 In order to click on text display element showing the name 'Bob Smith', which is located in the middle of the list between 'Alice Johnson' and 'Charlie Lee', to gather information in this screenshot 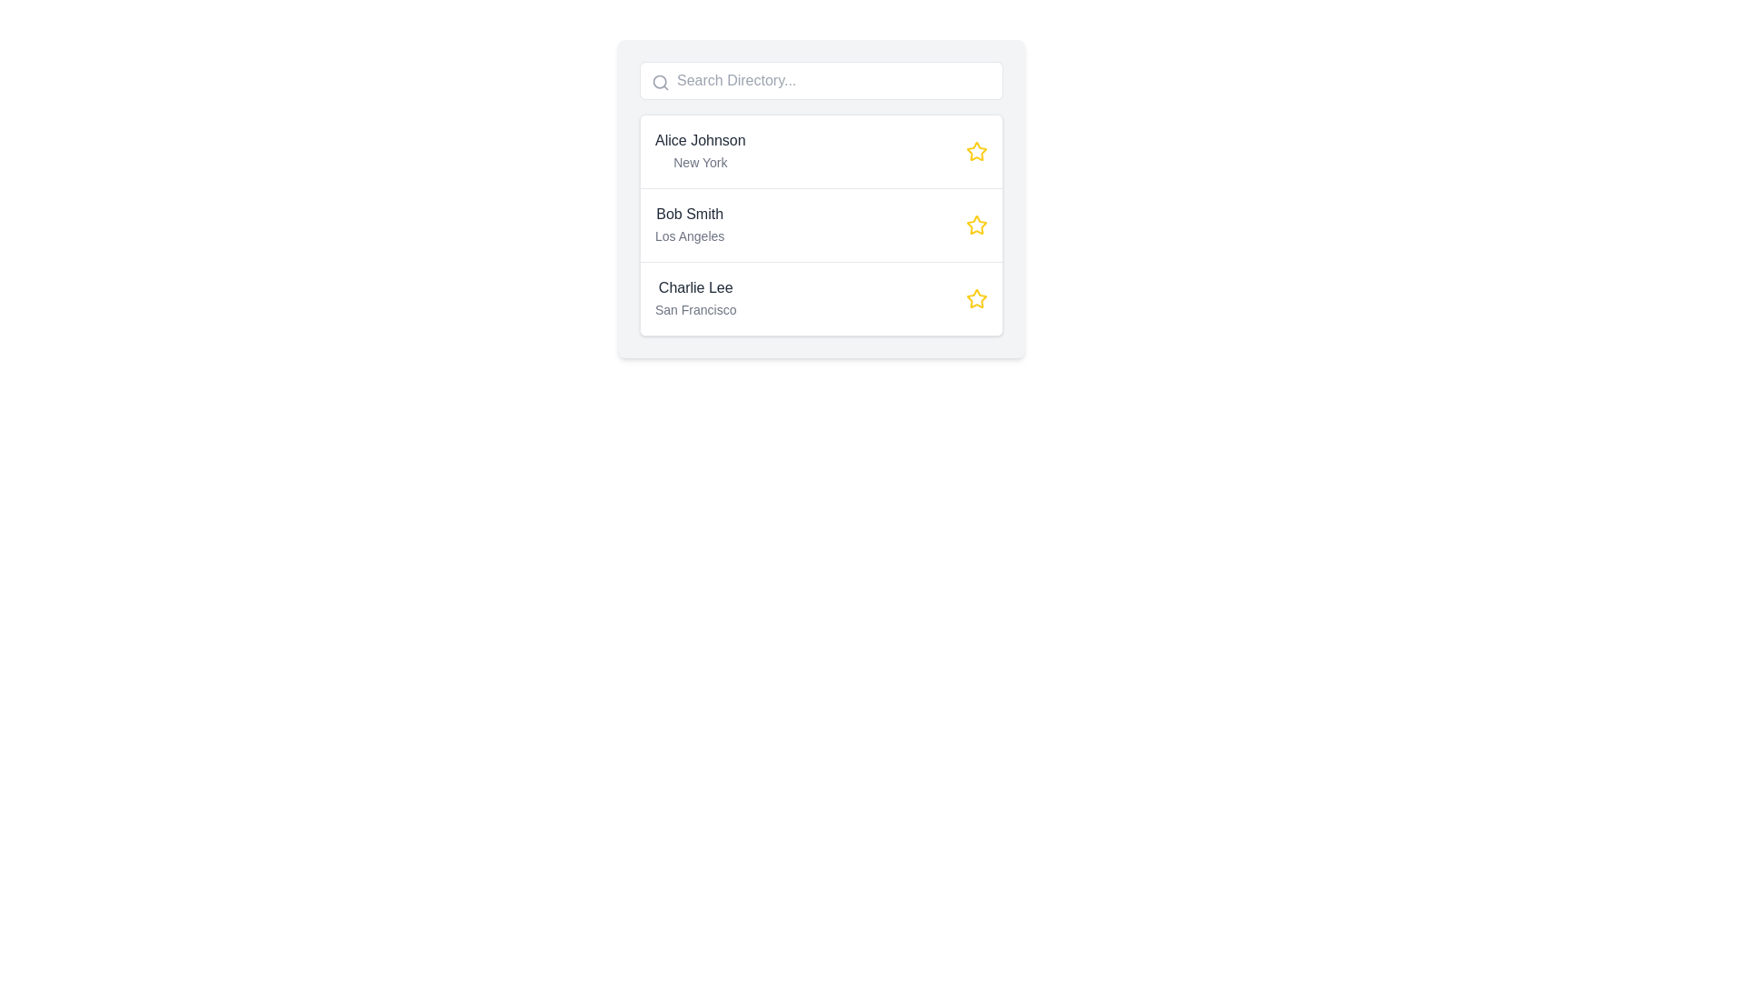, I will do `click(689, 213)`.